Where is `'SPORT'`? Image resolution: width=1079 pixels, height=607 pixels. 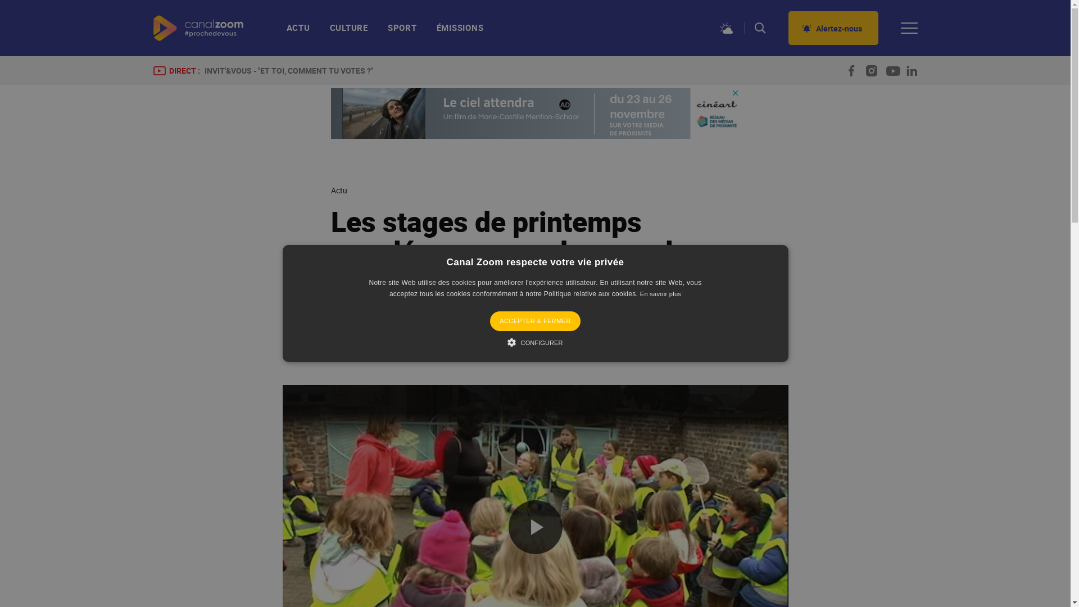 'SPORT' is located at coordinates (402, 31).